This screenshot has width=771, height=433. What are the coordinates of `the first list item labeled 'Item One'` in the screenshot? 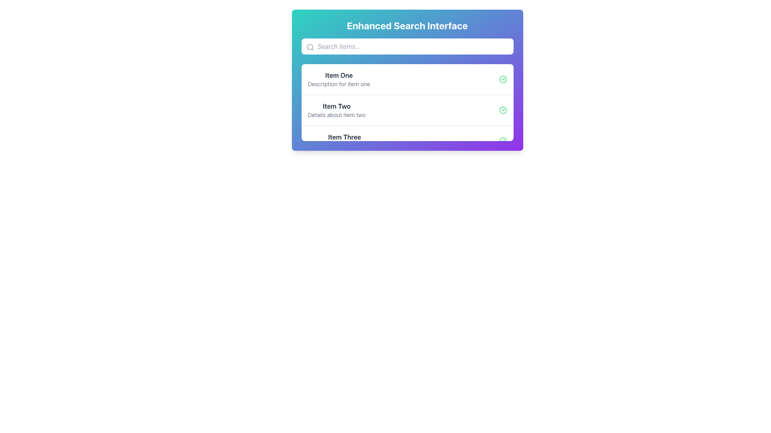 It's located at (407, 79).